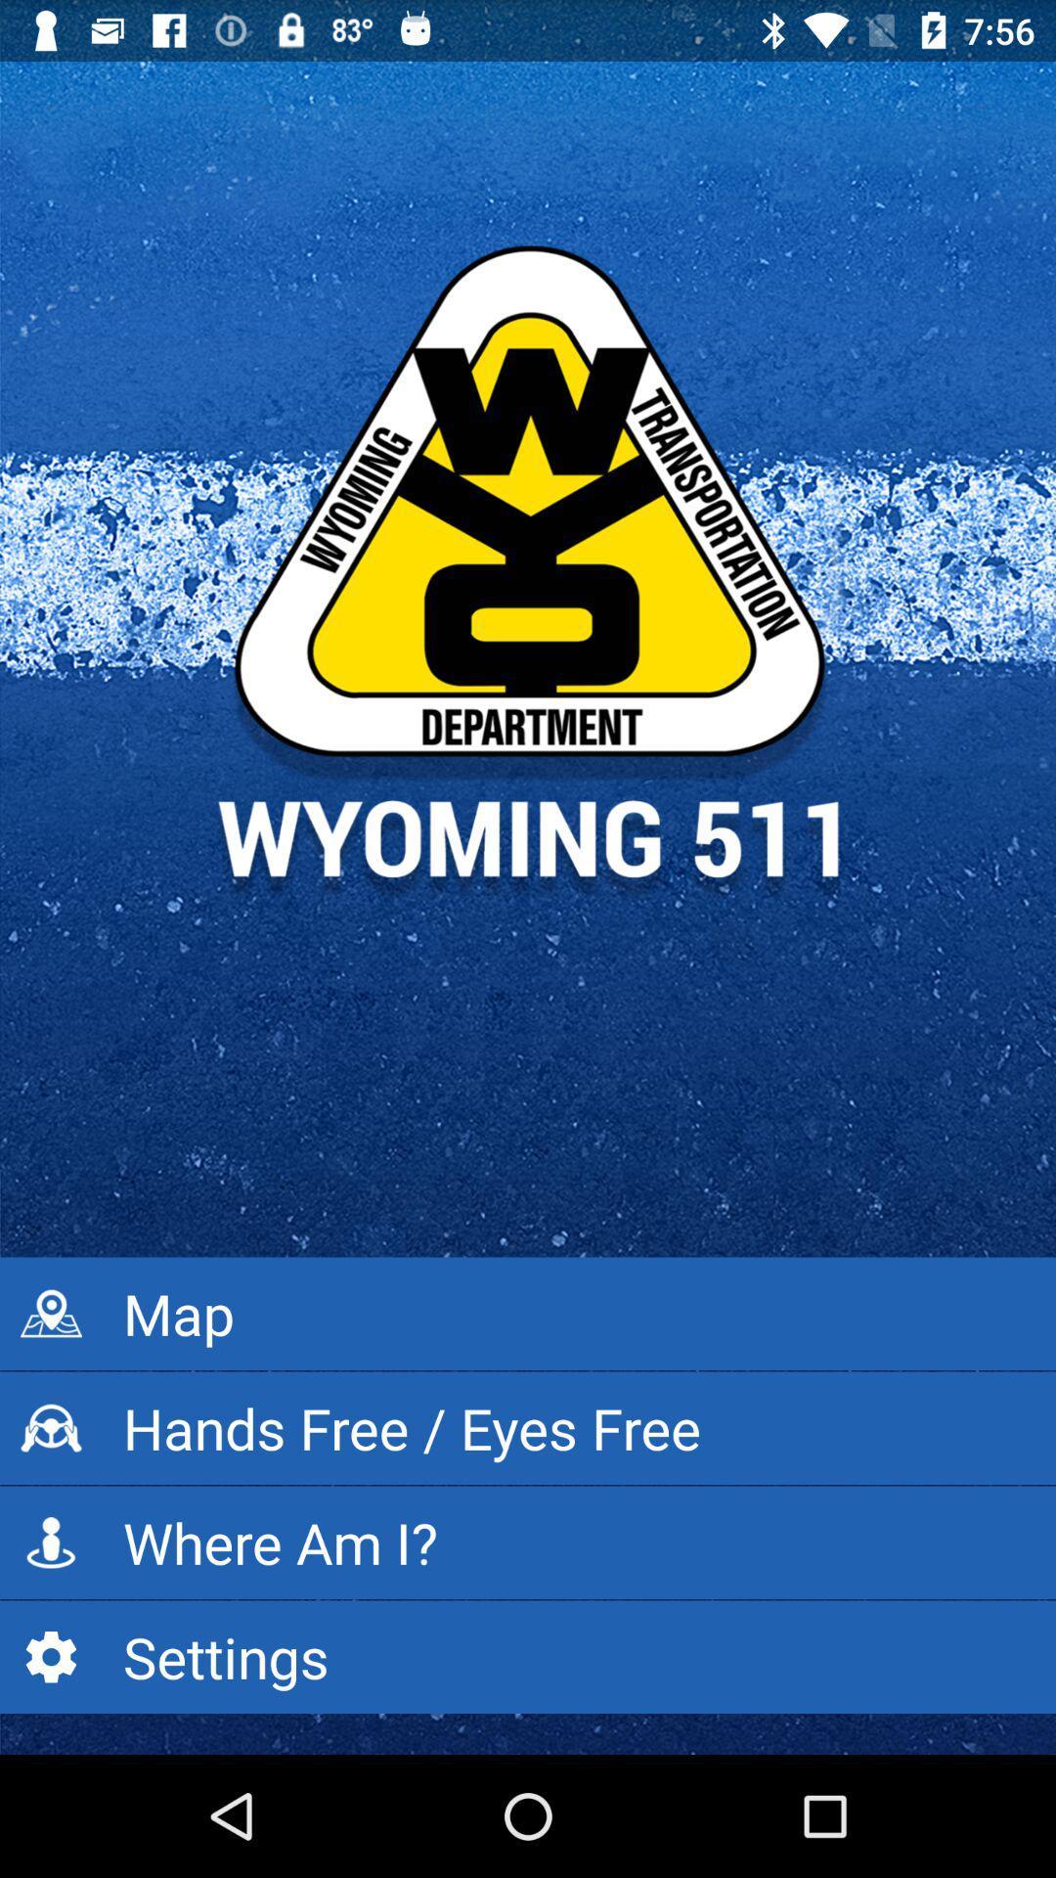 The height and width of the screenshot is (1878, 1056). Describe the element at coordinates (528, 1428) in the screenshot. I see `the app below map item` at that location.